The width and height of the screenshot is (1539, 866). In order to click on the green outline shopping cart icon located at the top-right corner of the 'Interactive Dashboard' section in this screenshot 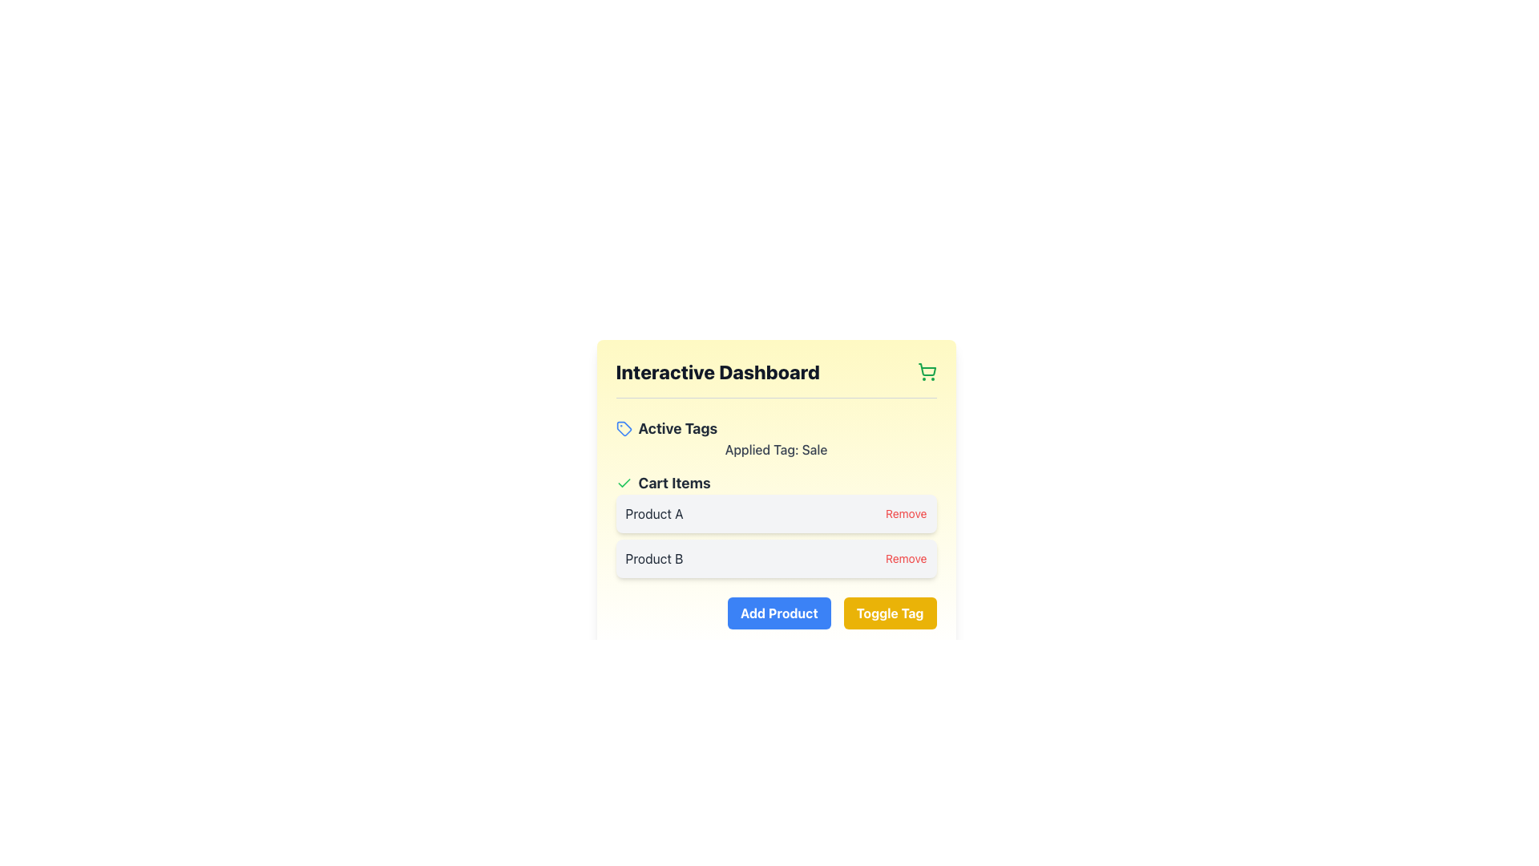, I will do `click(927, 371)`.